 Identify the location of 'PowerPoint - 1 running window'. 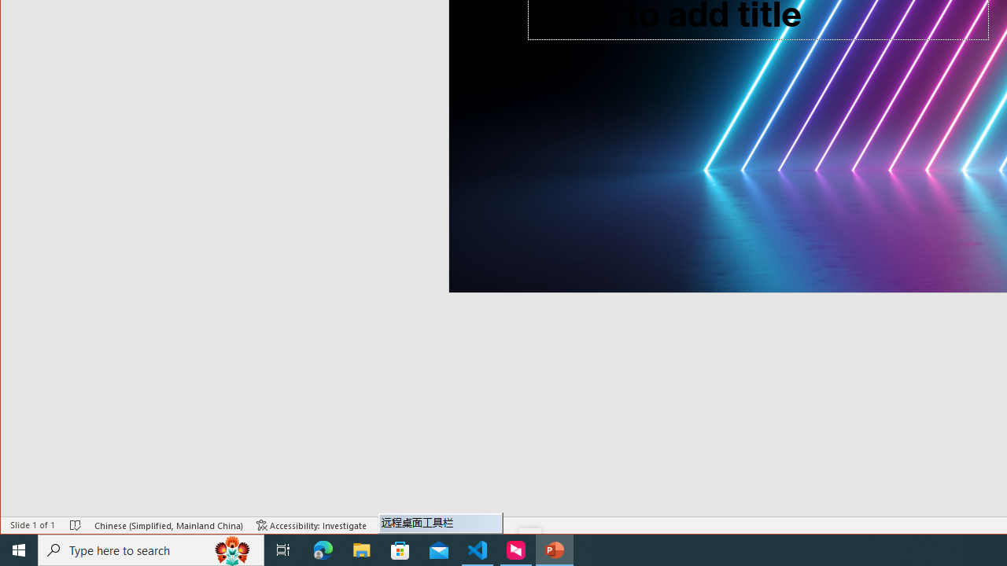
(555, 549).